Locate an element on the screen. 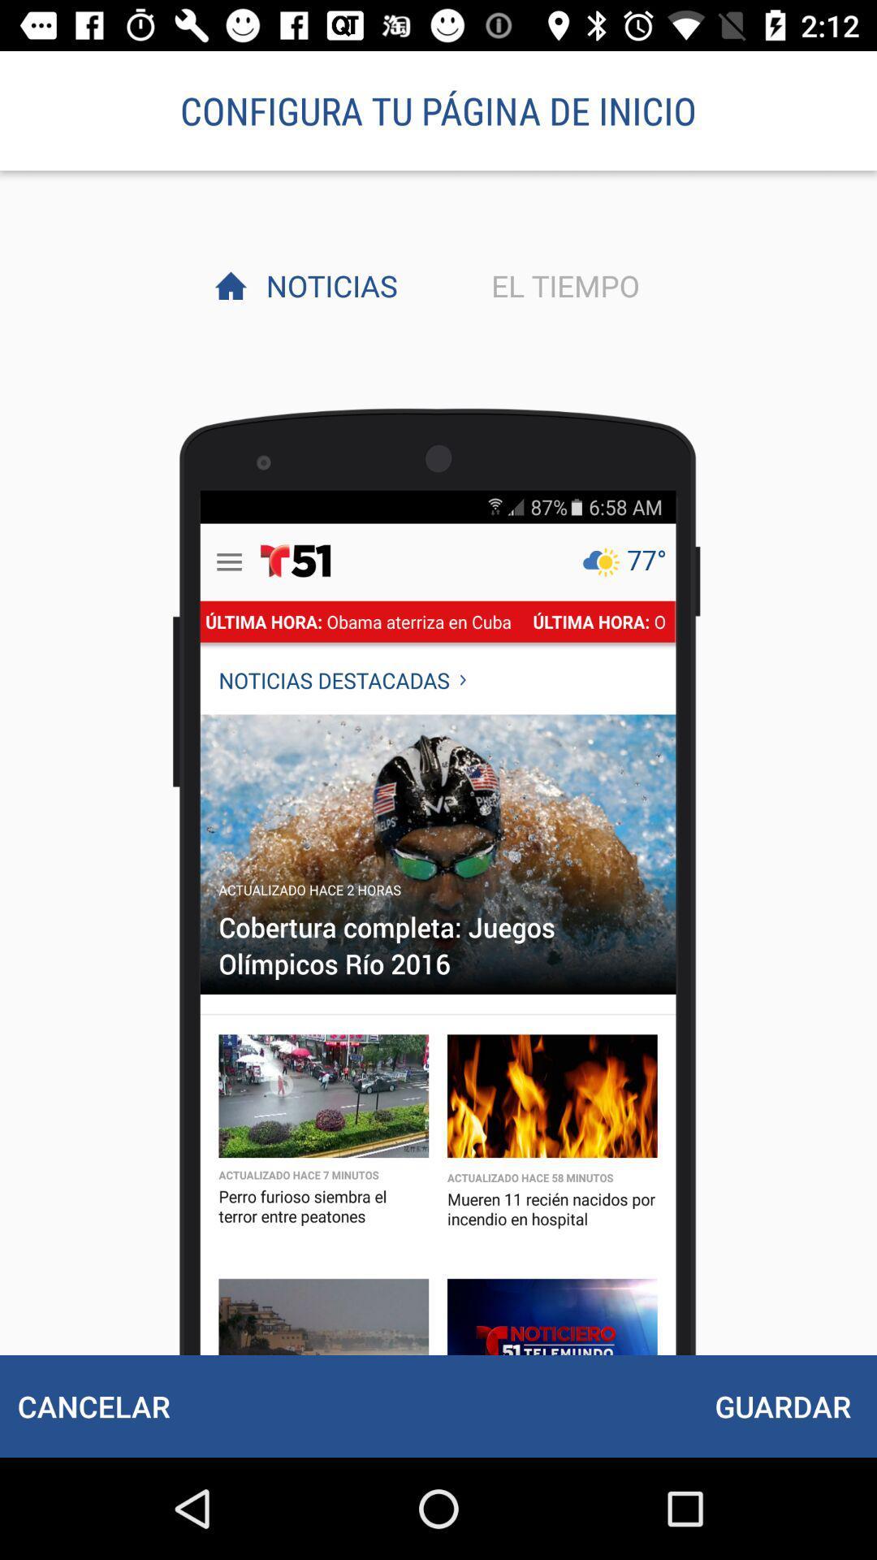  the el tiempo item is located at coordinates (560, 285).